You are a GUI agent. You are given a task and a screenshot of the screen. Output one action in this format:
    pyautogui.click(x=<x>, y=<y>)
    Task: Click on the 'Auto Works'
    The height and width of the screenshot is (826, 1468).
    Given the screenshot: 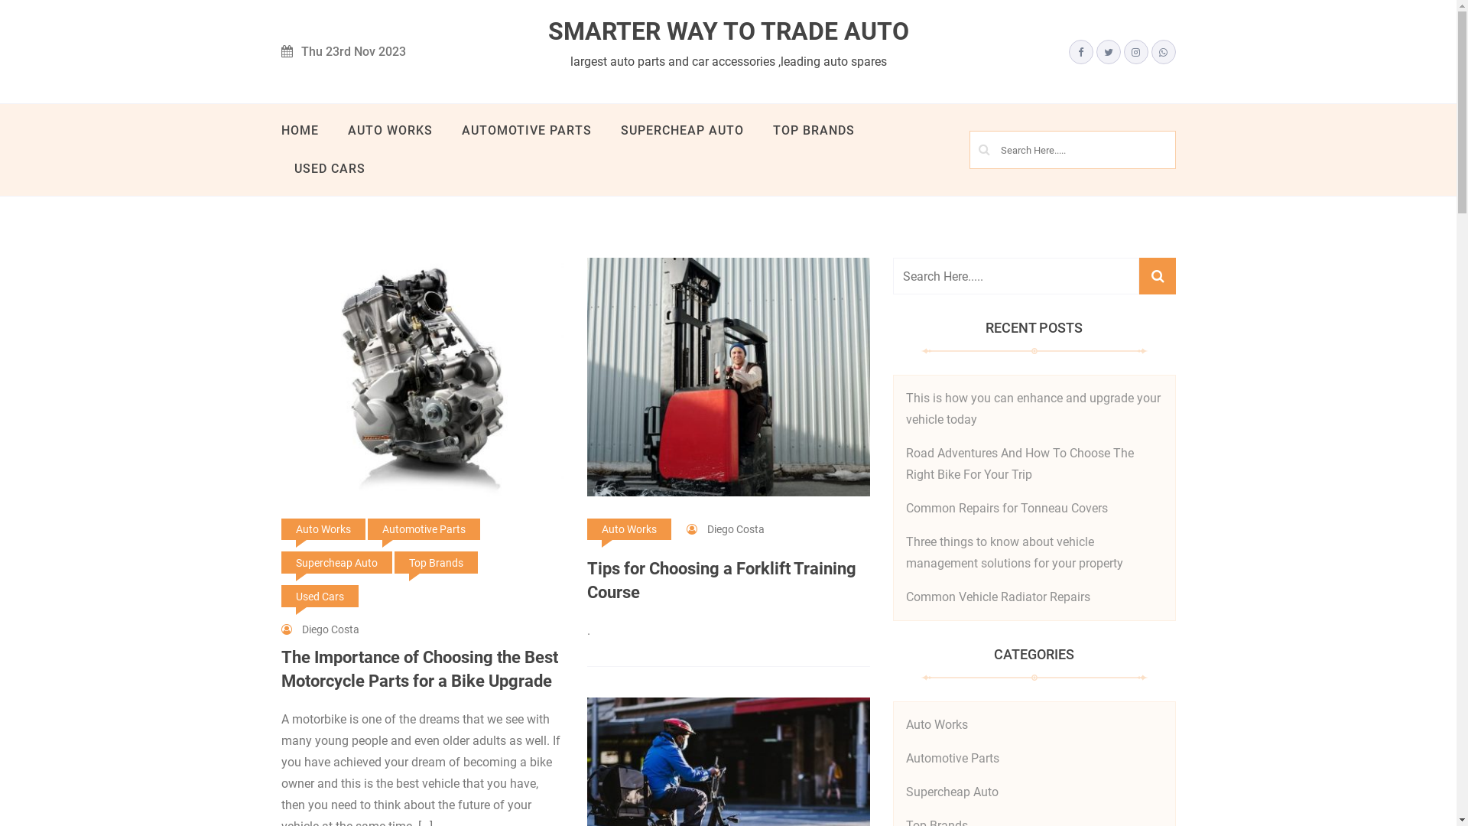 What is the action you would take?
    pyautogui.click(x=322, y=528)
    